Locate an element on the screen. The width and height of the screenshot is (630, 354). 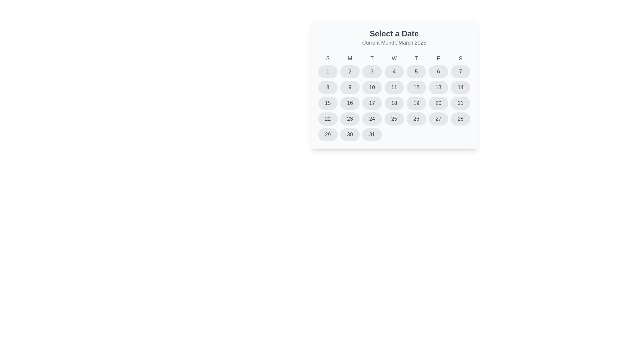
the calendar button representing the 18th day of the month is located at coordinates (394, 103).